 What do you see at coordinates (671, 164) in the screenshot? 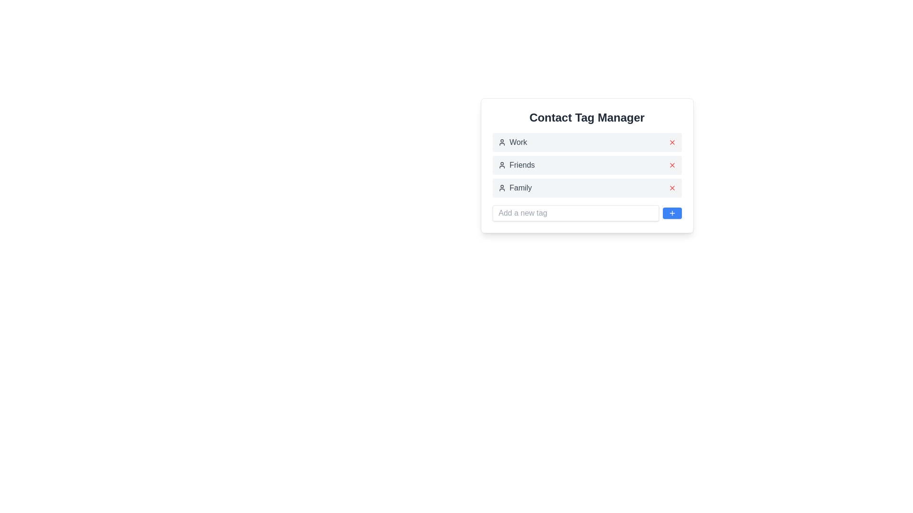
I see `the red delete icon located at the far-right end of the 'Friends' entry` at bounding box center [671, 164].